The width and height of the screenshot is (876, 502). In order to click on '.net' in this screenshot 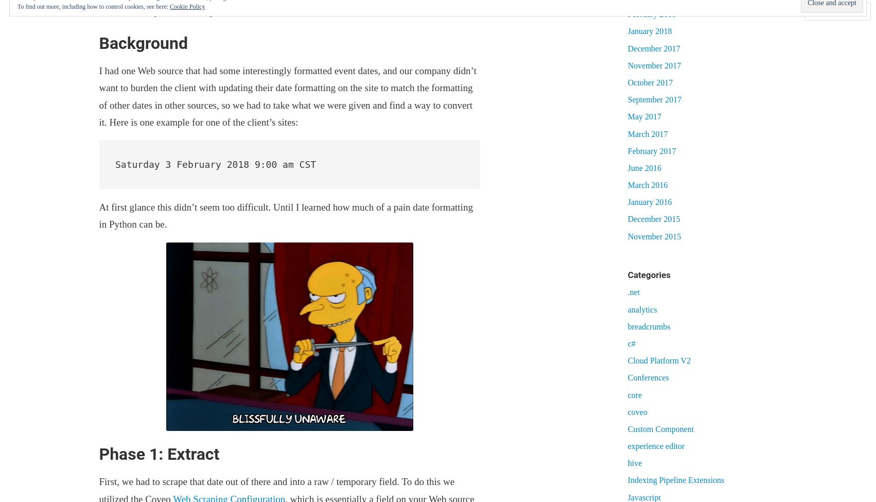, I will do `click(634, 291)`.